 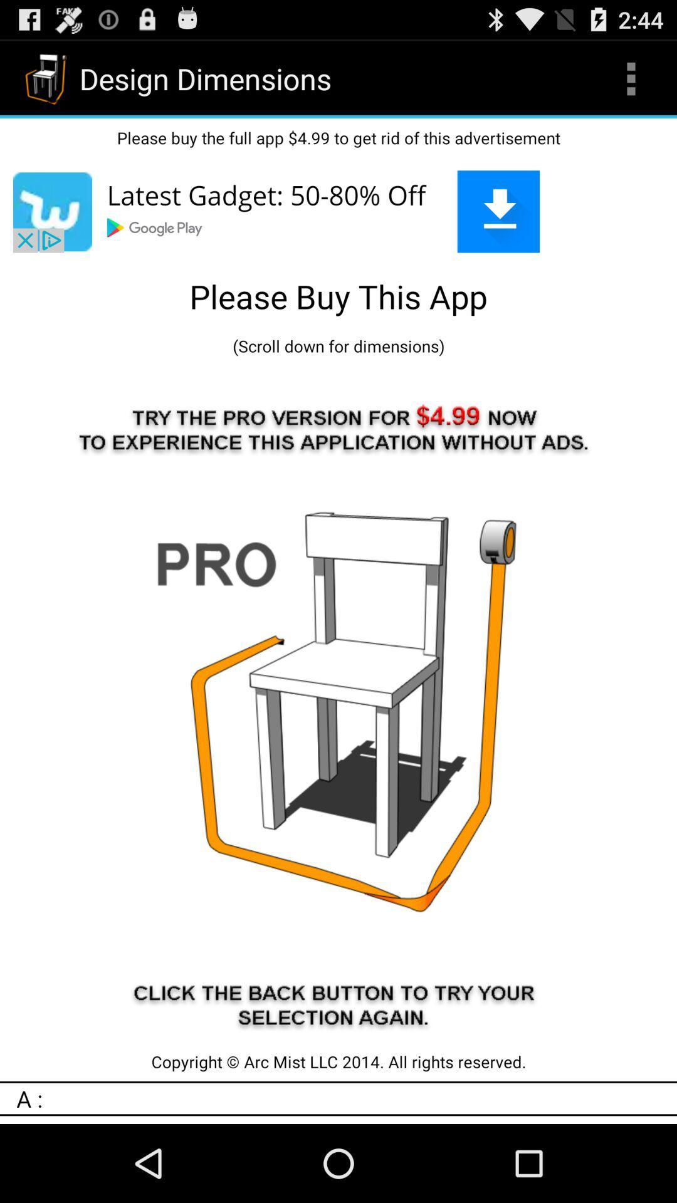 What do you see at coordinates (338, 211) in the screenshot?
I see `icon below please buy the app` at bounding box center [338, 211].